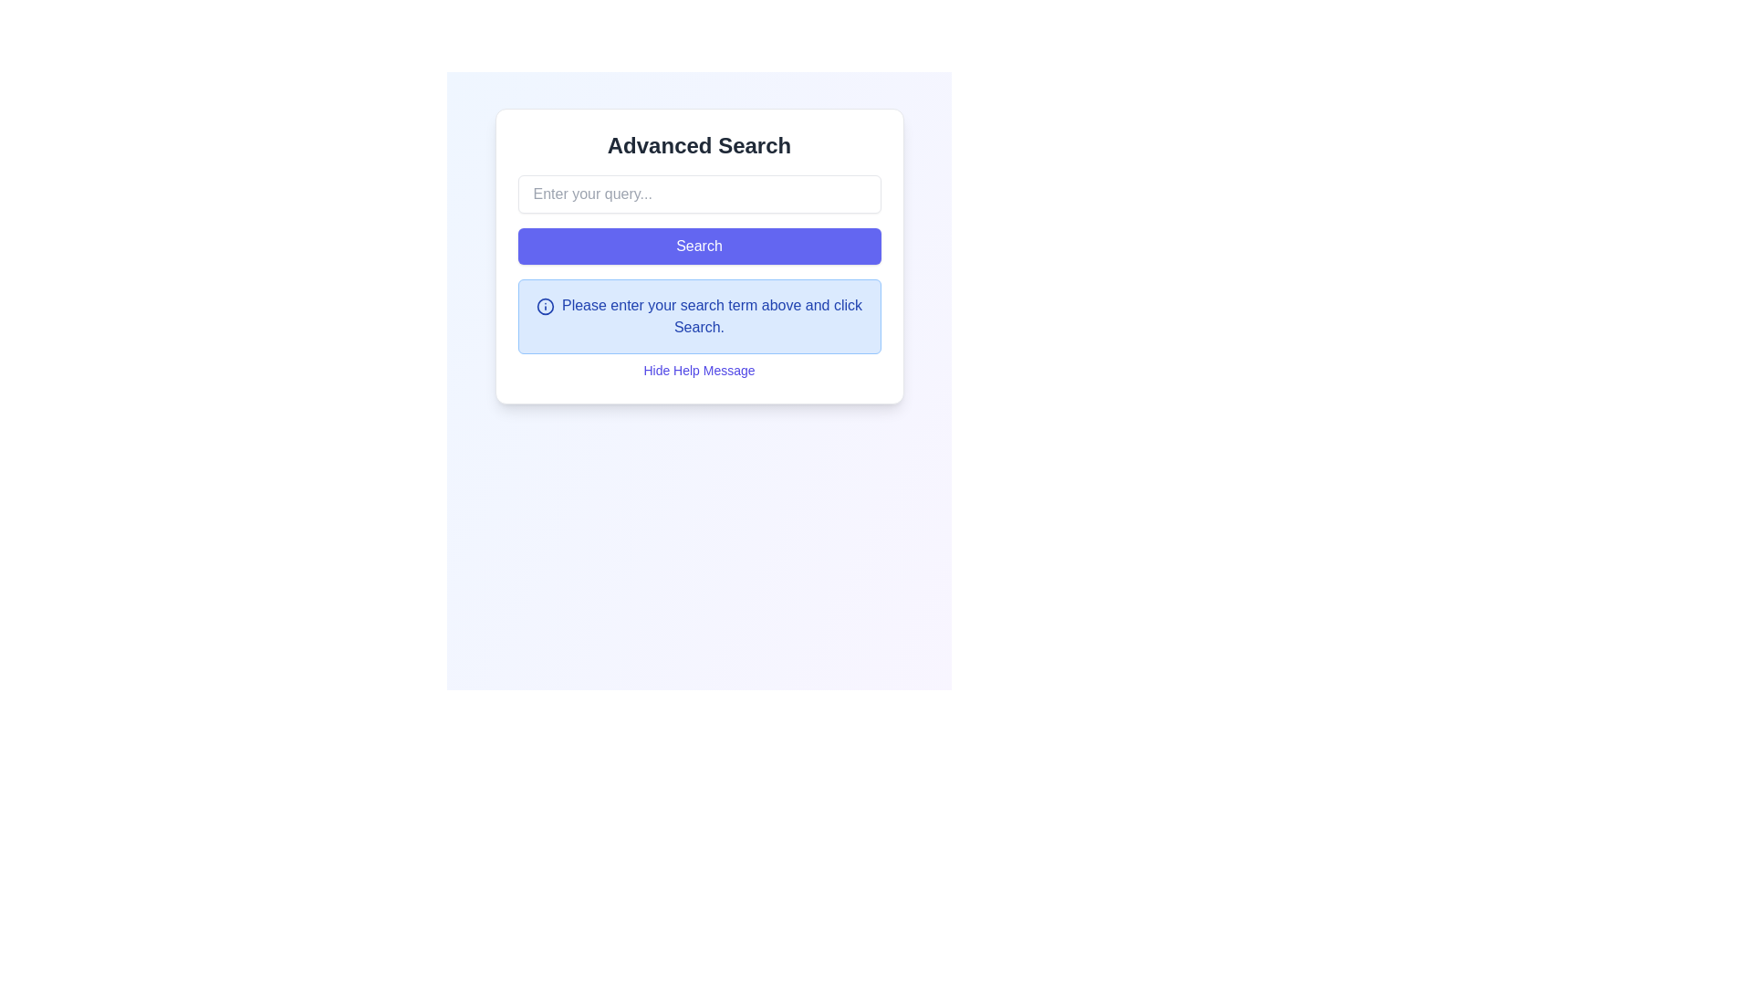 This screenshot has width=1752, height=986. What do you see at coordinates (698, 144) in the screenshot?
I see `the 'Advanced Search' text label, which is a prominent heading styled with a larger font size and bold weight at the top of a card-like layout` at bounding box center [698, 144].